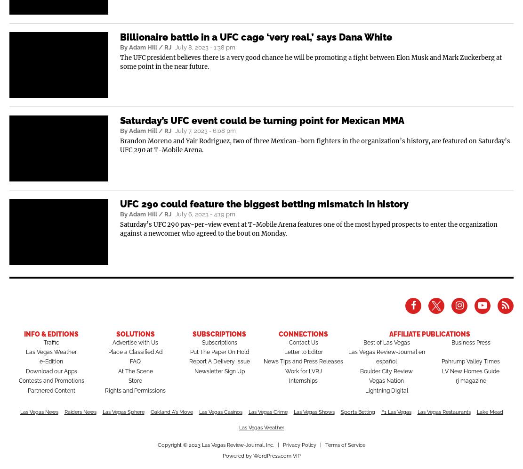 This screenshot has height=469, width=523. I want to click on 'SUBSCRIPTIONS', so click(218, 334).